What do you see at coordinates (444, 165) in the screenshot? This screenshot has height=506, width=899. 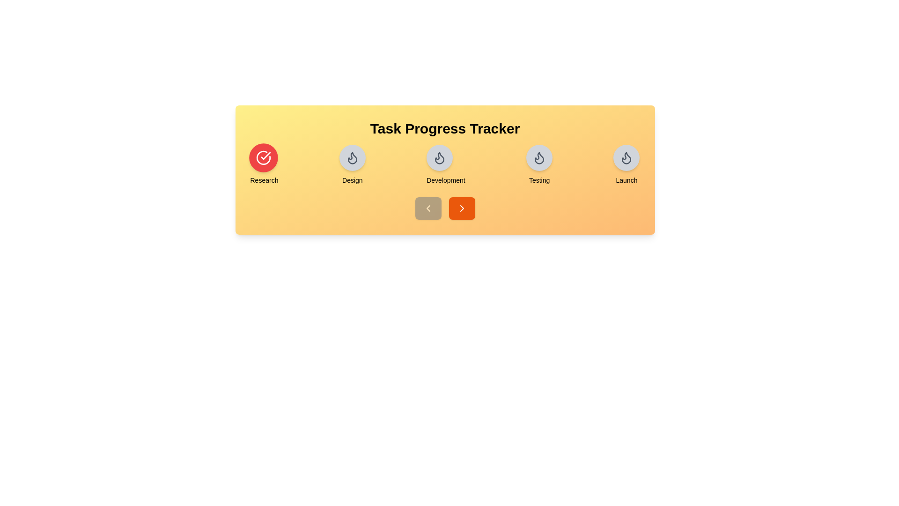 I see `the 'Development' step tracker node` at bounding box center [444, 165].